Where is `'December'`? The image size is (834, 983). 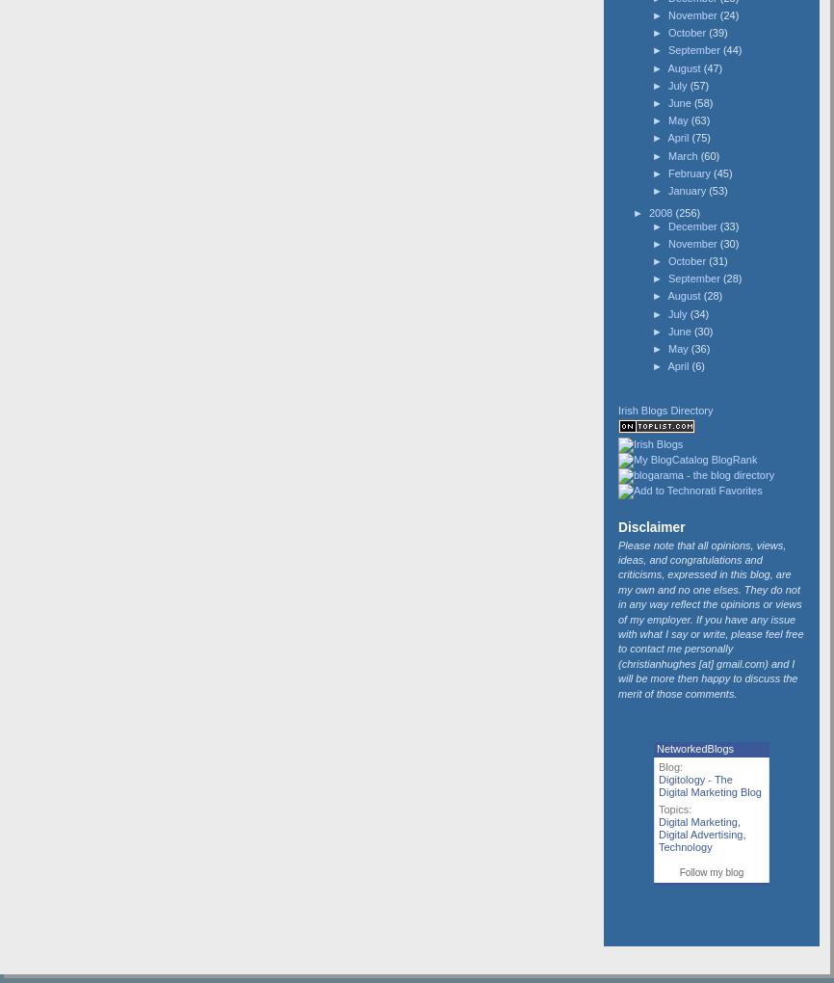
'December' is located at coordinates (692, 225).